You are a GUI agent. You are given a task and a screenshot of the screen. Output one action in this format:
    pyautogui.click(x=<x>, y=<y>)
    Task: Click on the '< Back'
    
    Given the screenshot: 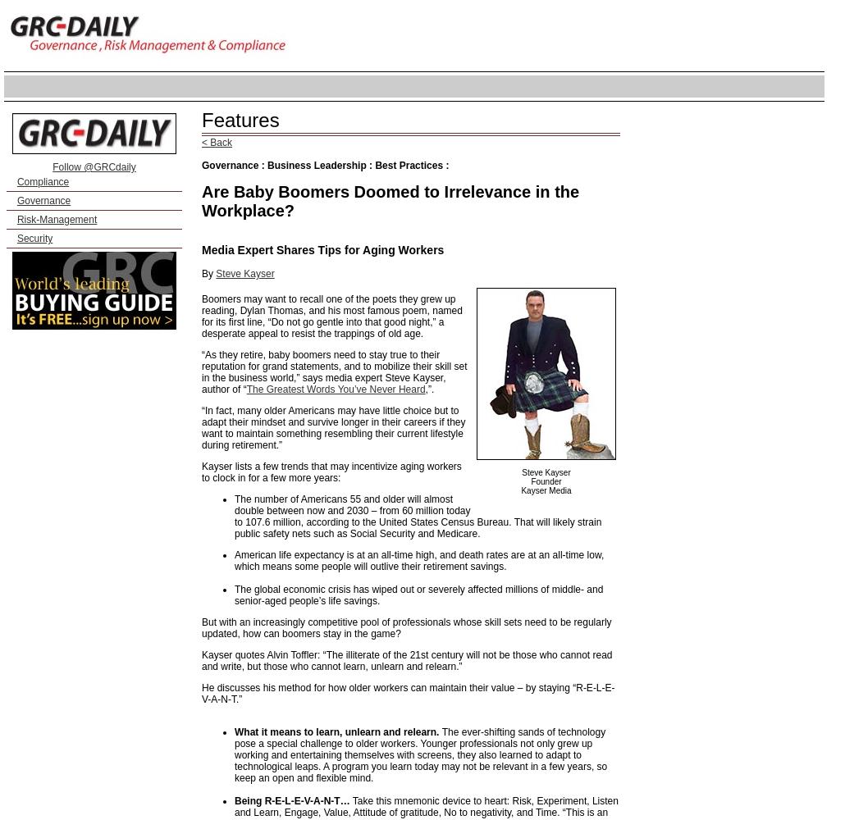 What is the action you would take?
    pyautogui.click(x=201, y=143)
    